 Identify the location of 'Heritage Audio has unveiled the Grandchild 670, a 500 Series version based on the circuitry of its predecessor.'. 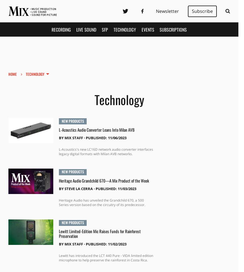
(58, 202).